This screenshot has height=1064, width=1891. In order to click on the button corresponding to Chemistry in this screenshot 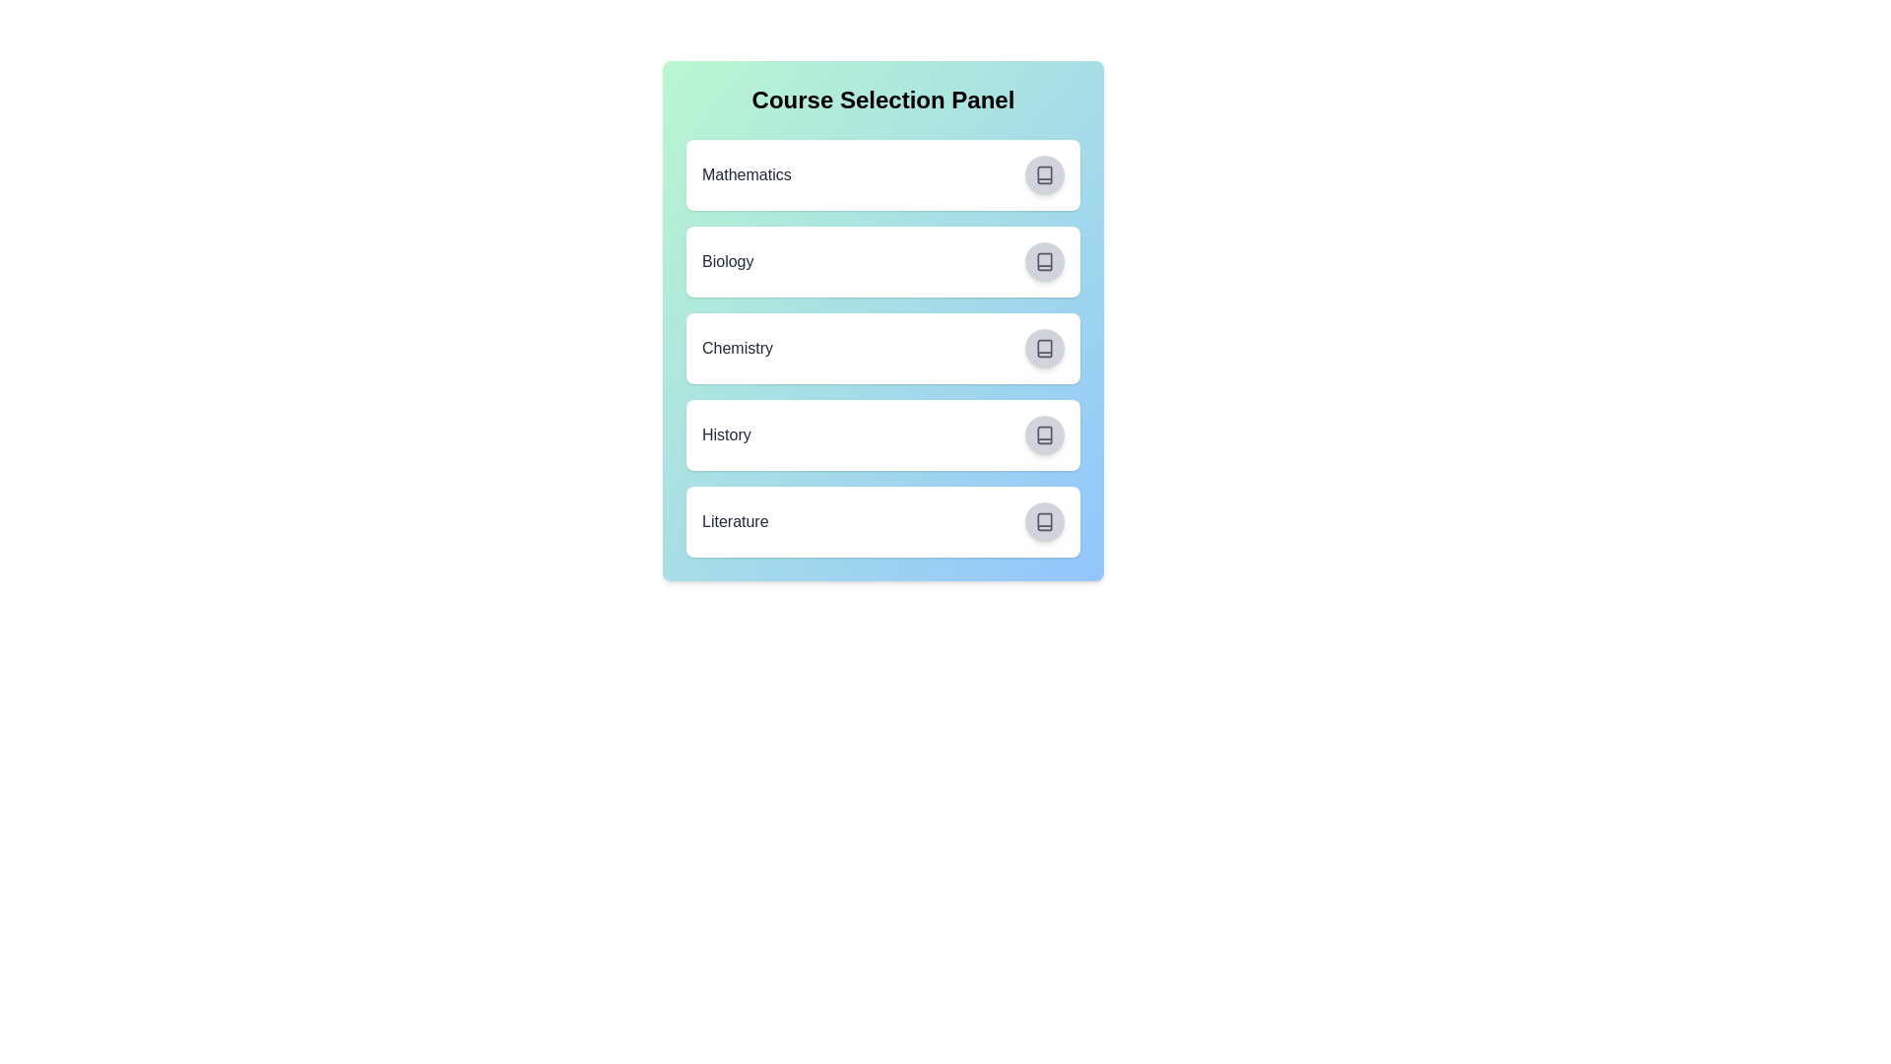, I will do `click(1043, 348)`.